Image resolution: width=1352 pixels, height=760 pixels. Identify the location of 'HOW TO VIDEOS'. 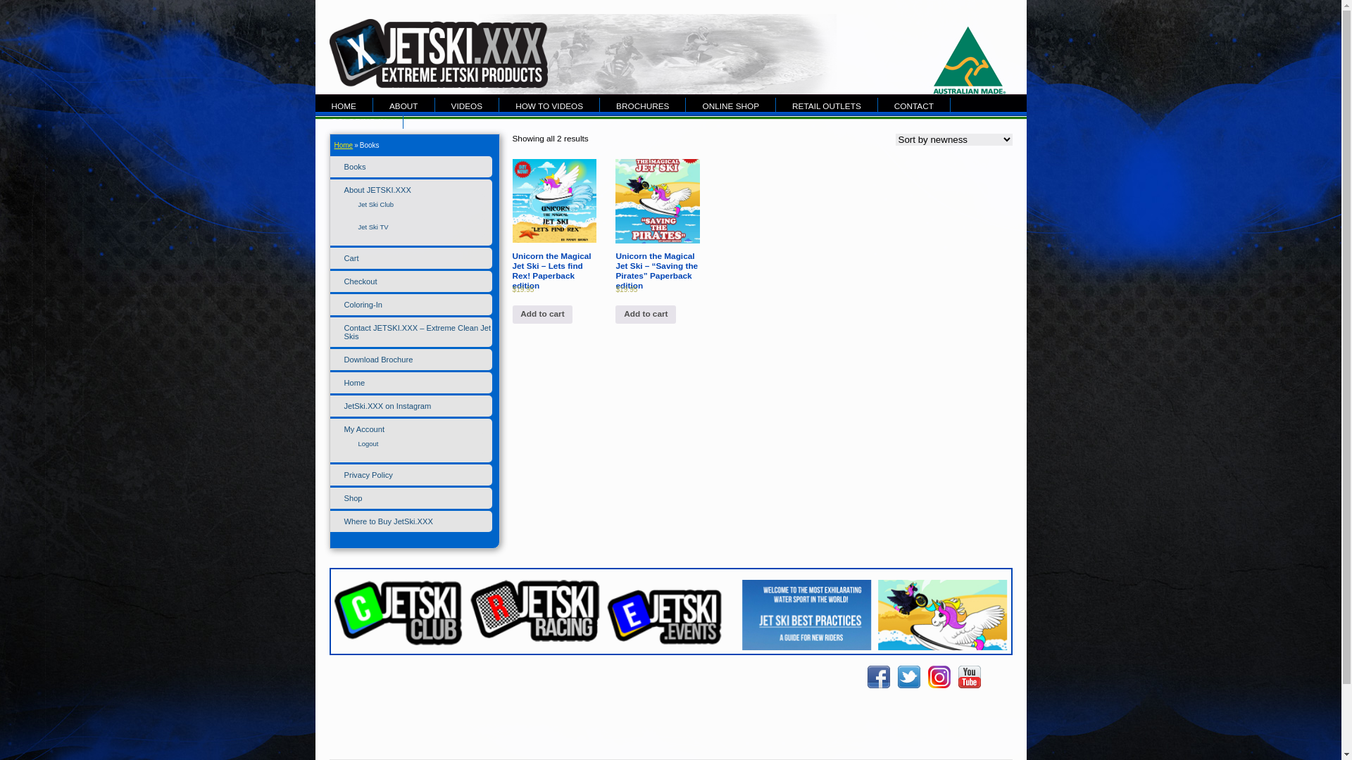
(549, 105).